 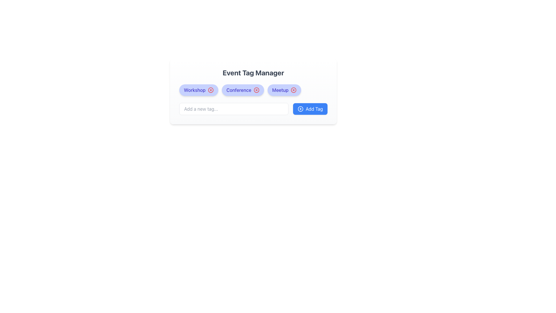 What do you see at coordinates (256, 90) in the screenshot?
I see `the circular decorative shape inside the 'Conference' tag's remove action icon located beneath the 'Event Tag Manager' title` at bounding box center [256, 90].